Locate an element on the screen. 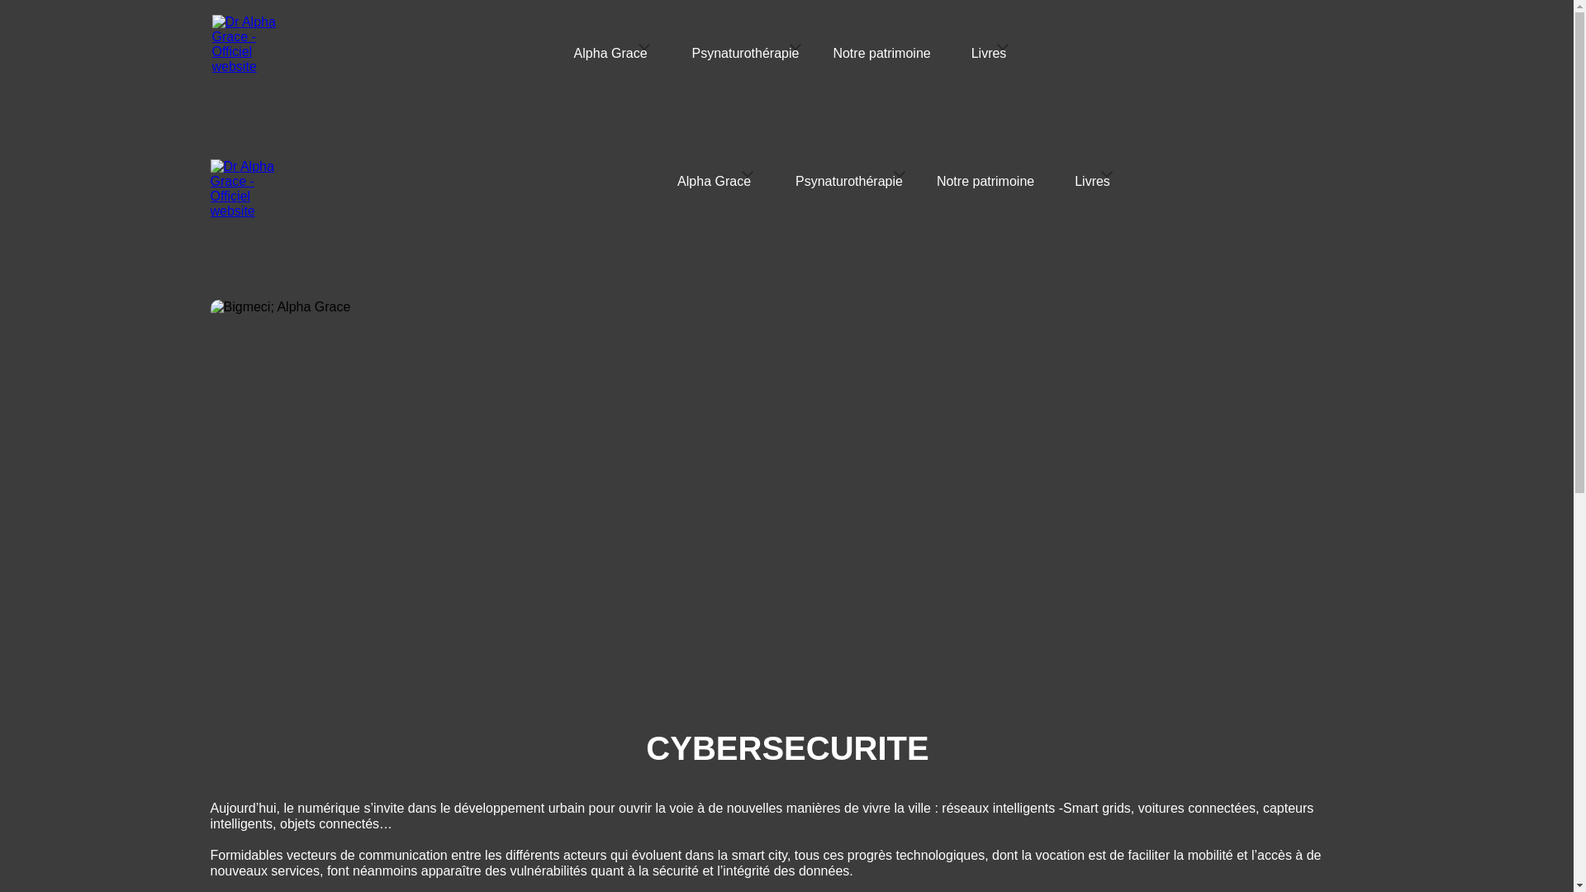  'Notre patrimoine' is located at coordinates (985, 185).